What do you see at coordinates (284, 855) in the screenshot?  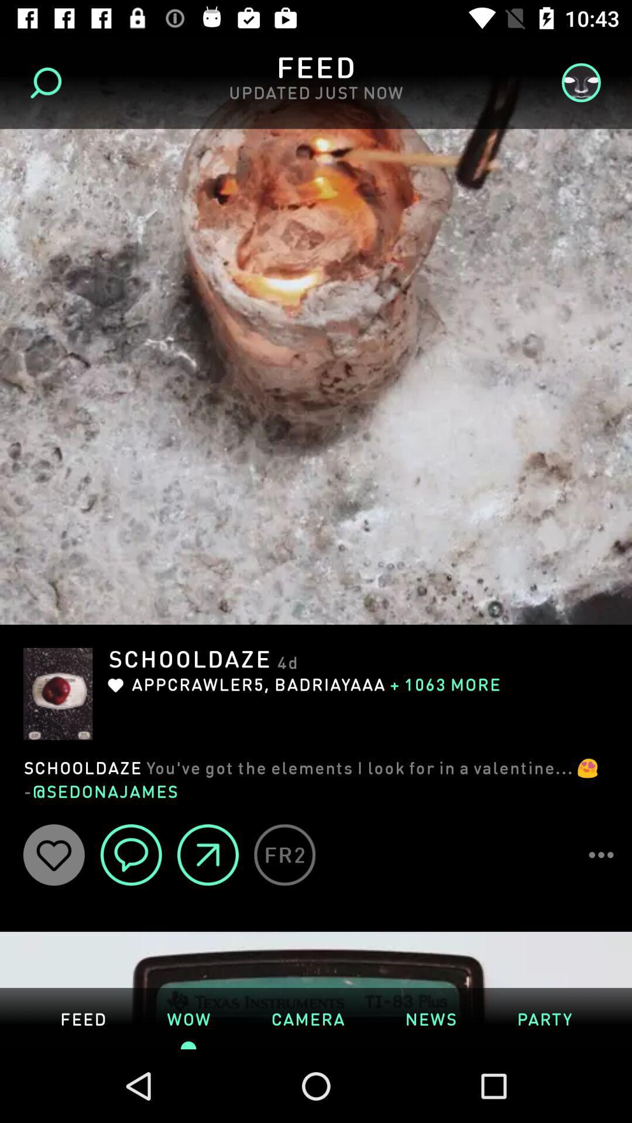 I see `fr2 icon` at bounding box center [284, 855].